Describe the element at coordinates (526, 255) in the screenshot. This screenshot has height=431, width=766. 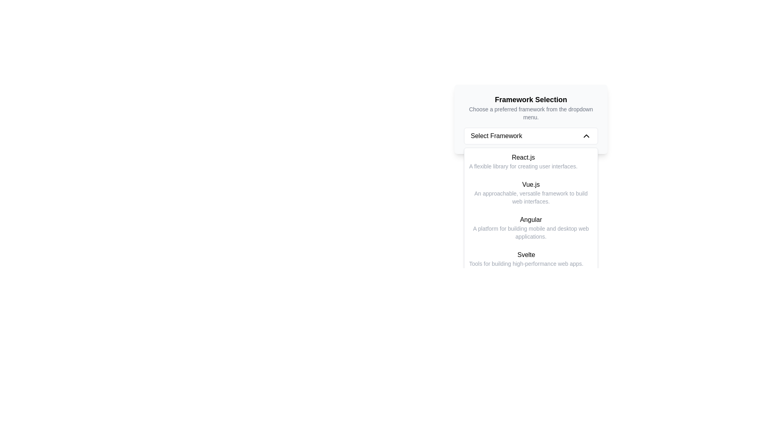
I see `text label 'Svelte' which is styled in bold or medium font weight, located at the top of a text block above the description 'Tools for building high-performance web apps.'` at that location.